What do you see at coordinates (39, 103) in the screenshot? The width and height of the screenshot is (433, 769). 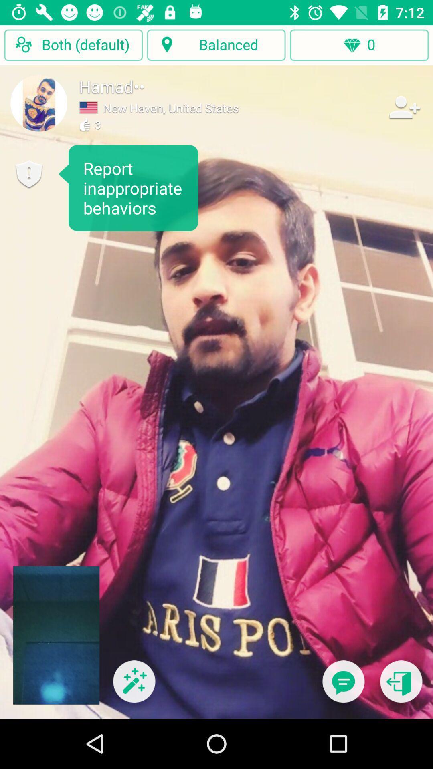 I see `the item below the both (default) item` at bounding box center [39, 103].